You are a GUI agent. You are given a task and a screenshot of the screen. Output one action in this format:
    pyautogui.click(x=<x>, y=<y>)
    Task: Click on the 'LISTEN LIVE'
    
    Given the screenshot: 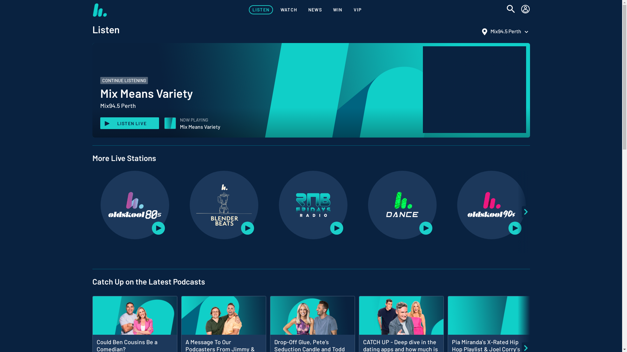 What is the action you would take?
    pyautogui.click(x=100, y=123)
    